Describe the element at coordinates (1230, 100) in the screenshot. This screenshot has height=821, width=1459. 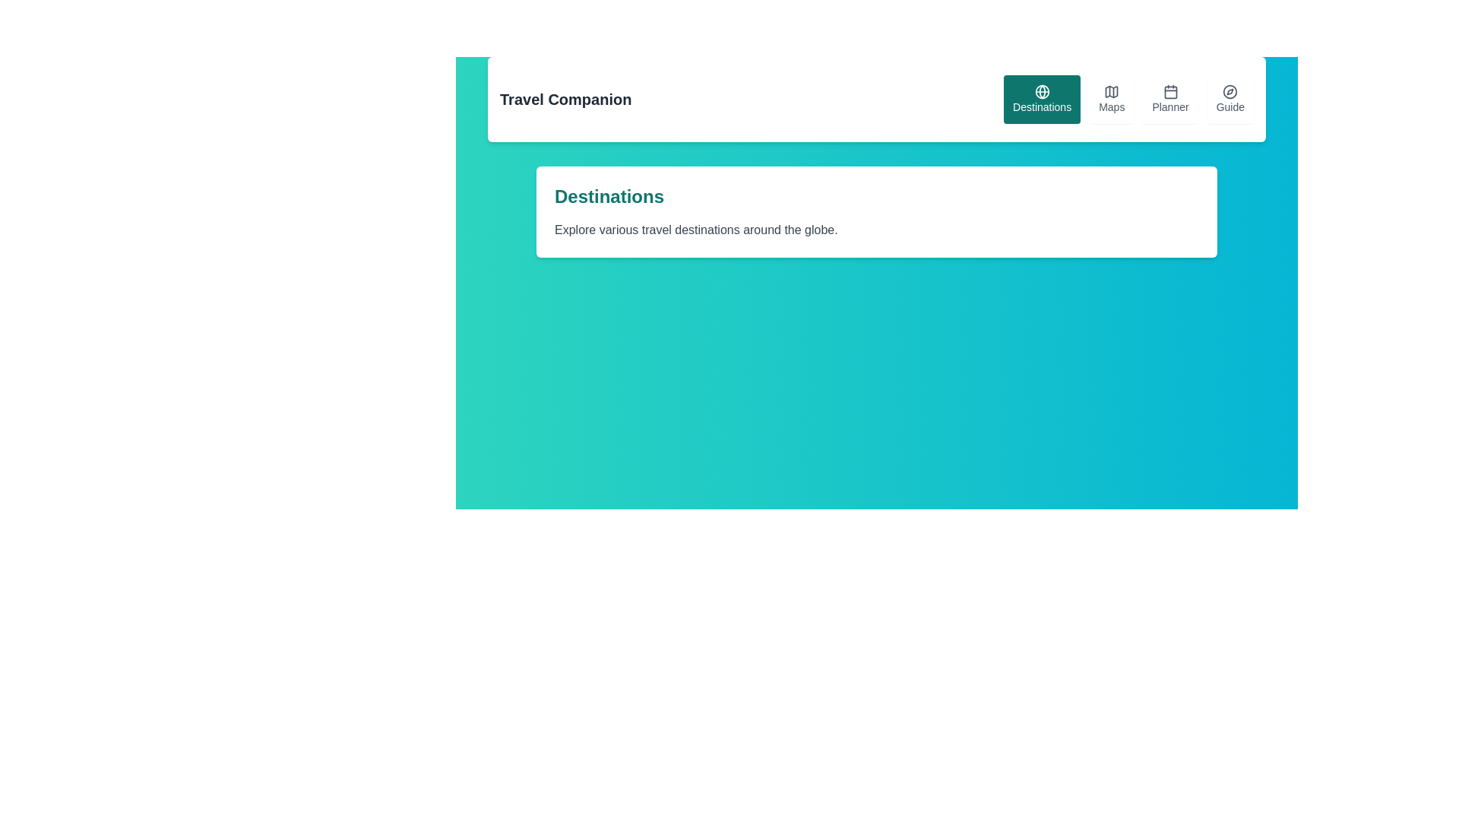
I see `the 'Guide' button located on the rightmost side of the navigation bar` at that location.